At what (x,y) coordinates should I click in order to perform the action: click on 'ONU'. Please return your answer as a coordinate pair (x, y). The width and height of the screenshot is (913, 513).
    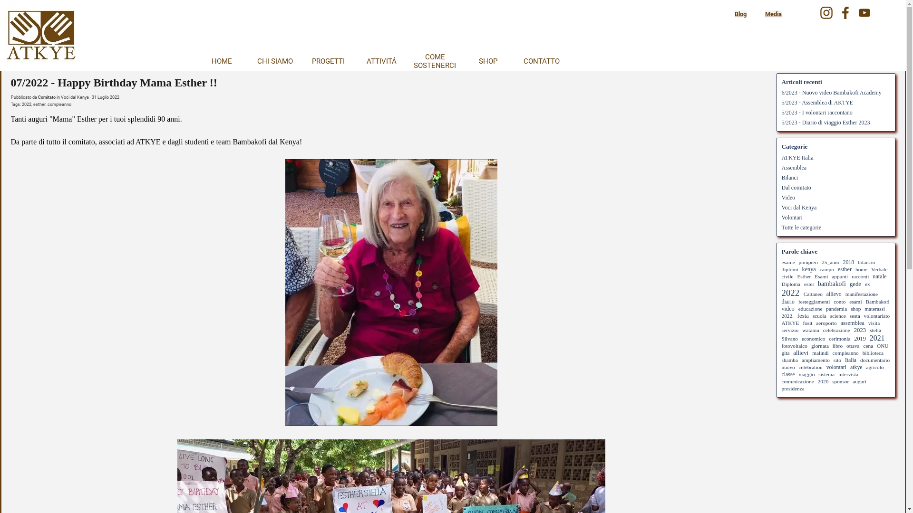
    Looking at the image, I should click on (882, 346).